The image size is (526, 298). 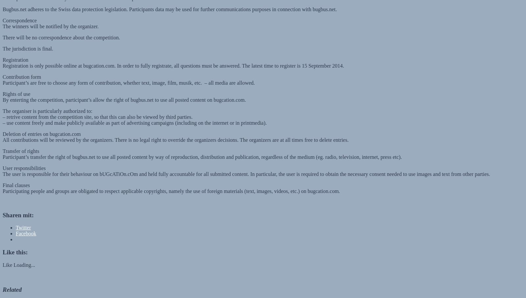 What do you see at coordinates (16, 179) in the screenshot?
I see `'Final clauses'` at bounding box center [16, 179].